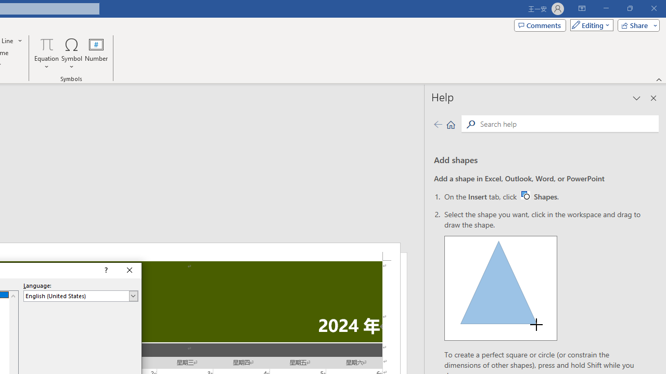  Describe the element at coordinates (46, 54) in the screenshot. I see `'Equation'` at that location.